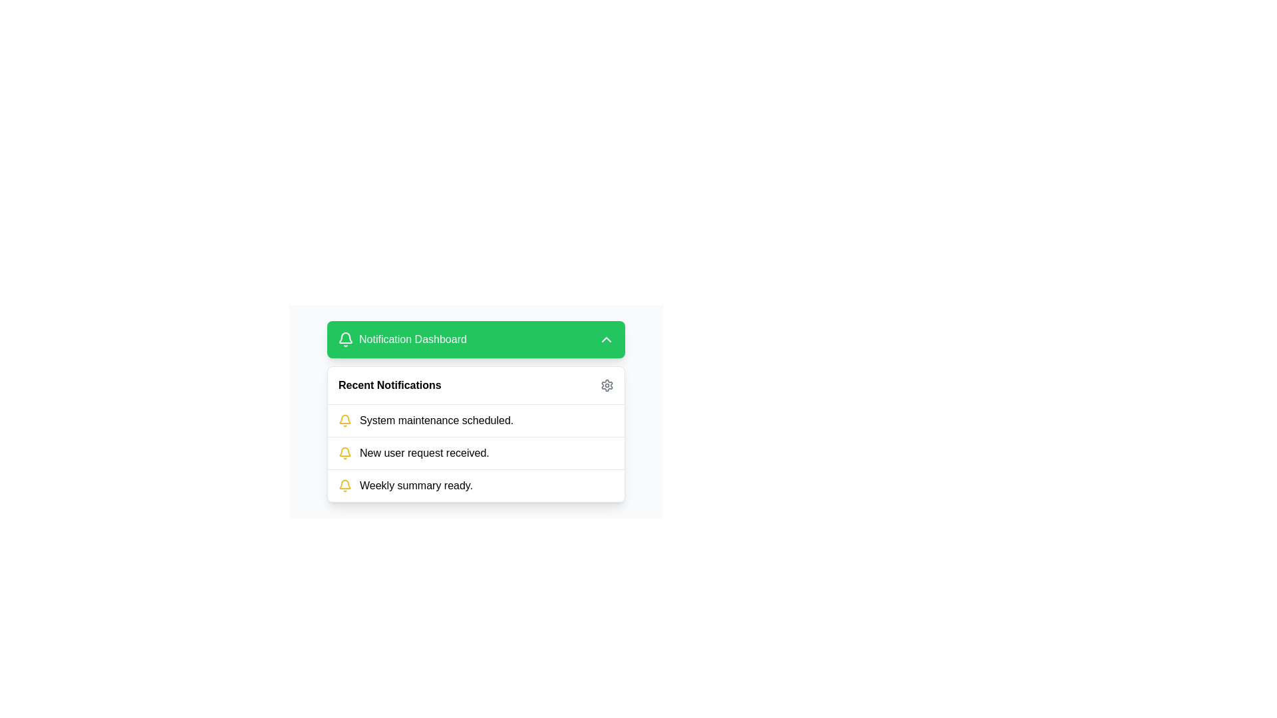  Describe the element at coordinates (345, 420) in the screenshot. I see `the notification icon indicating 'System maintenance scheduled.' in the first notification entry of the list view` at that location.